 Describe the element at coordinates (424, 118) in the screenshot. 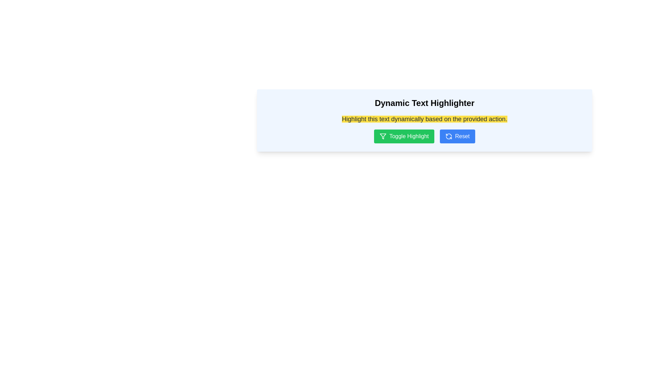

I see `the highlighted text that reads 'Highlight this text dynamically based on the provided action.' located beneath the header 'Dynamic Text Highlighter'` at that location.